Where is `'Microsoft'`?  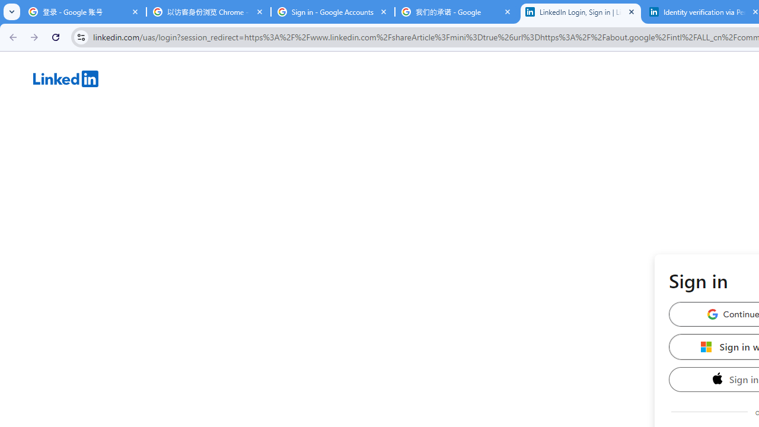
'Microsoft' is located at coordinates (706, 346).